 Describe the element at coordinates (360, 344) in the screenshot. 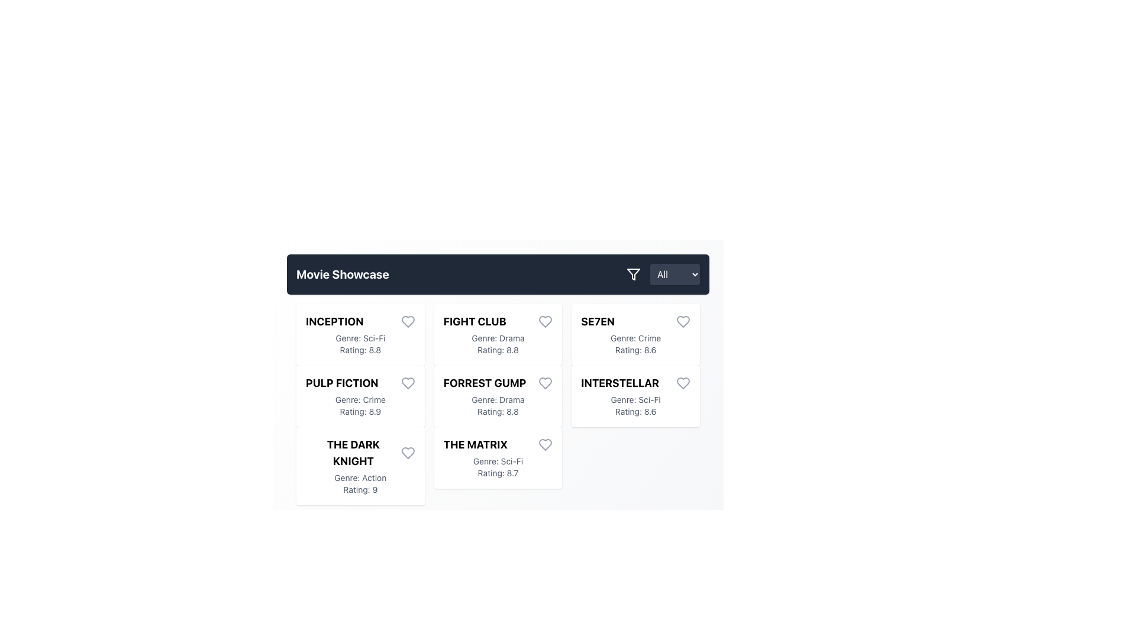

I see `information displayed in the text label that shows 'Genre: Sci-Fi' and 'Rating: 8.8', located below the title 'INCEPTION' in the top left card of the movie grid` at that location.